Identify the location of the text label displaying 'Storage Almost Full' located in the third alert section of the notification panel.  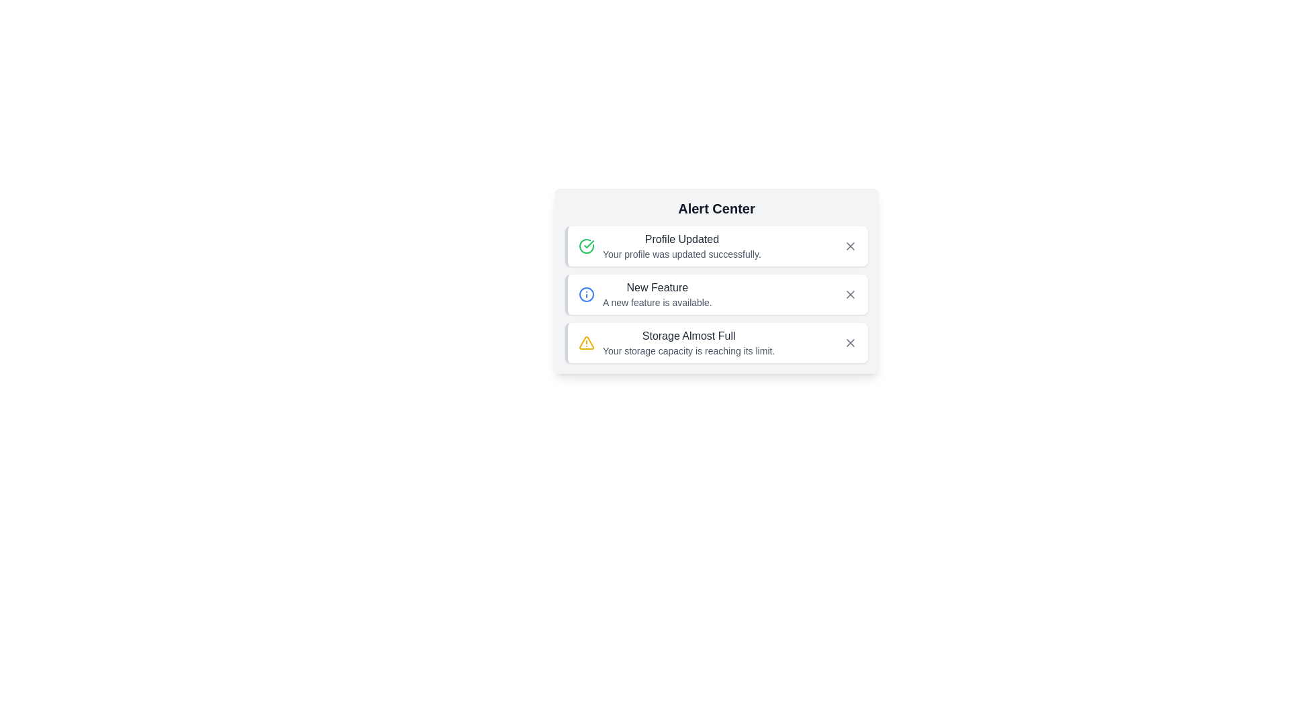
(689, 336).